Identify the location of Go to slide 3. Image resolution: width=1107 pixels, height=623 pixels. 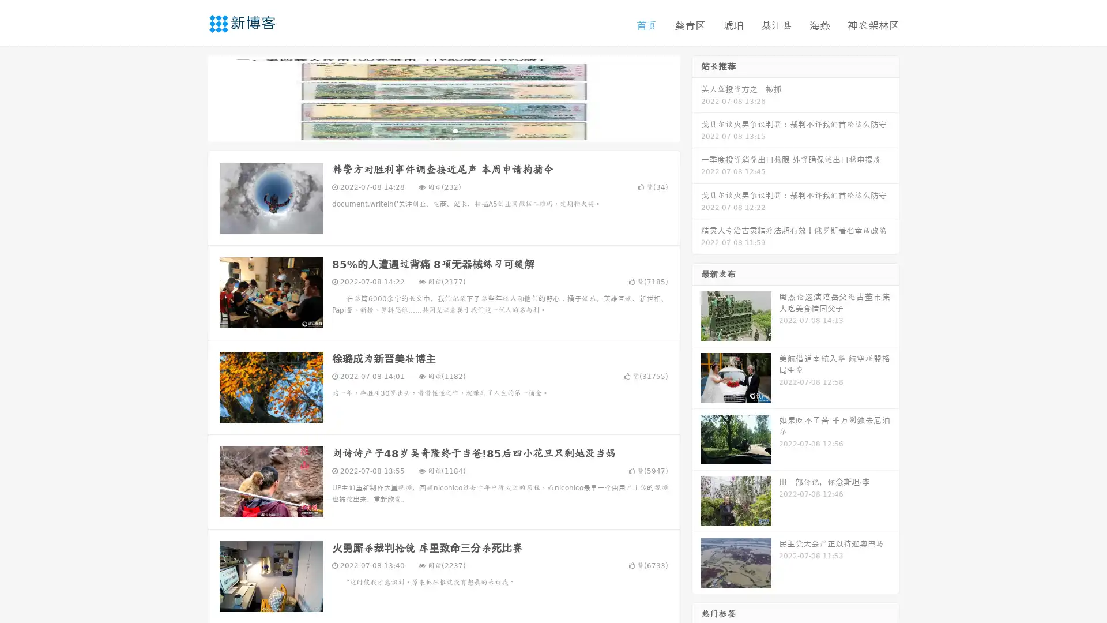
(455, 130).